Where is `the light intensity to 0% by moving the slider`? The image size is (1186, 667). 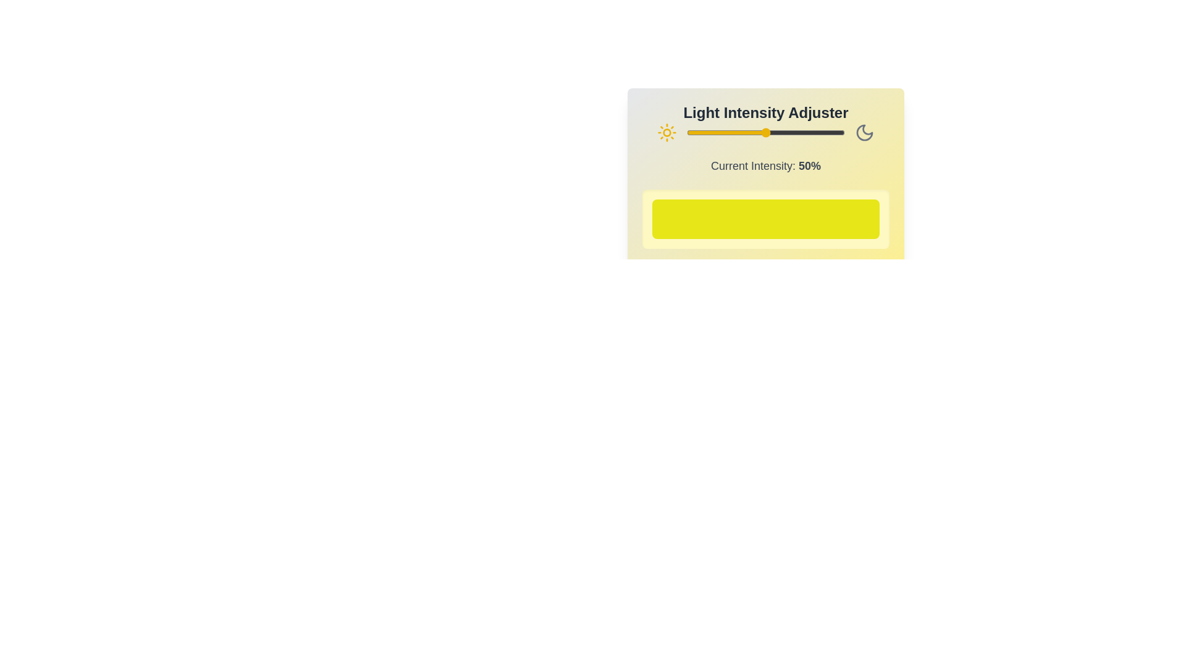
the light intensity to 0% by moving the slider is located at coordinates (686, 133).